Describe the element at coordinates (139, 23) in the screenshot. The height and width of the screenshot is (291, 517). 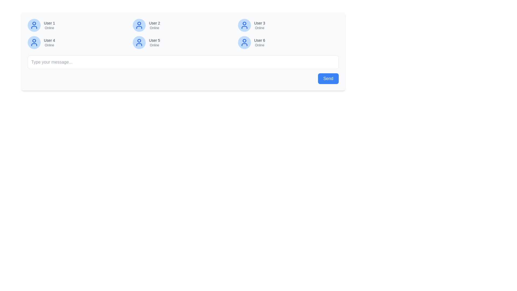
I see `the small circular outline in the user icon for 'User 2', located at the top center of the interface` at that location.